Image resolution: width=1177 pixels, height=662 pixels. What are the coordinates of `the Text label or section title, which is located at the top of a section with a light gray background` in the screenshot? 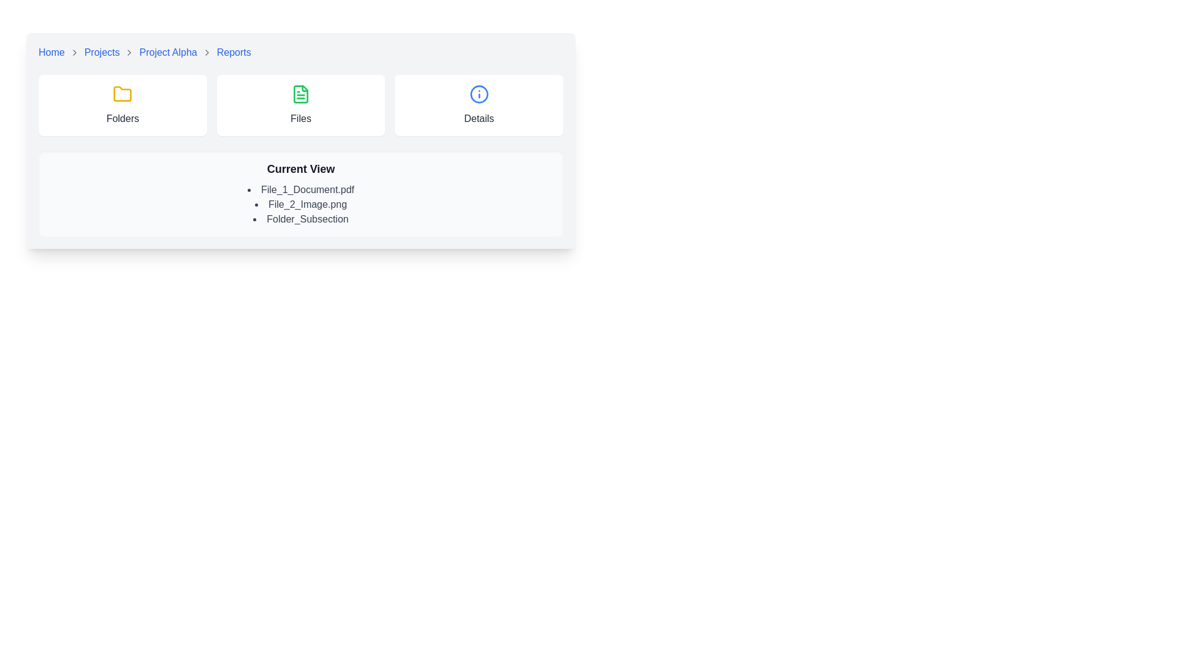 It's located at (300, 169).